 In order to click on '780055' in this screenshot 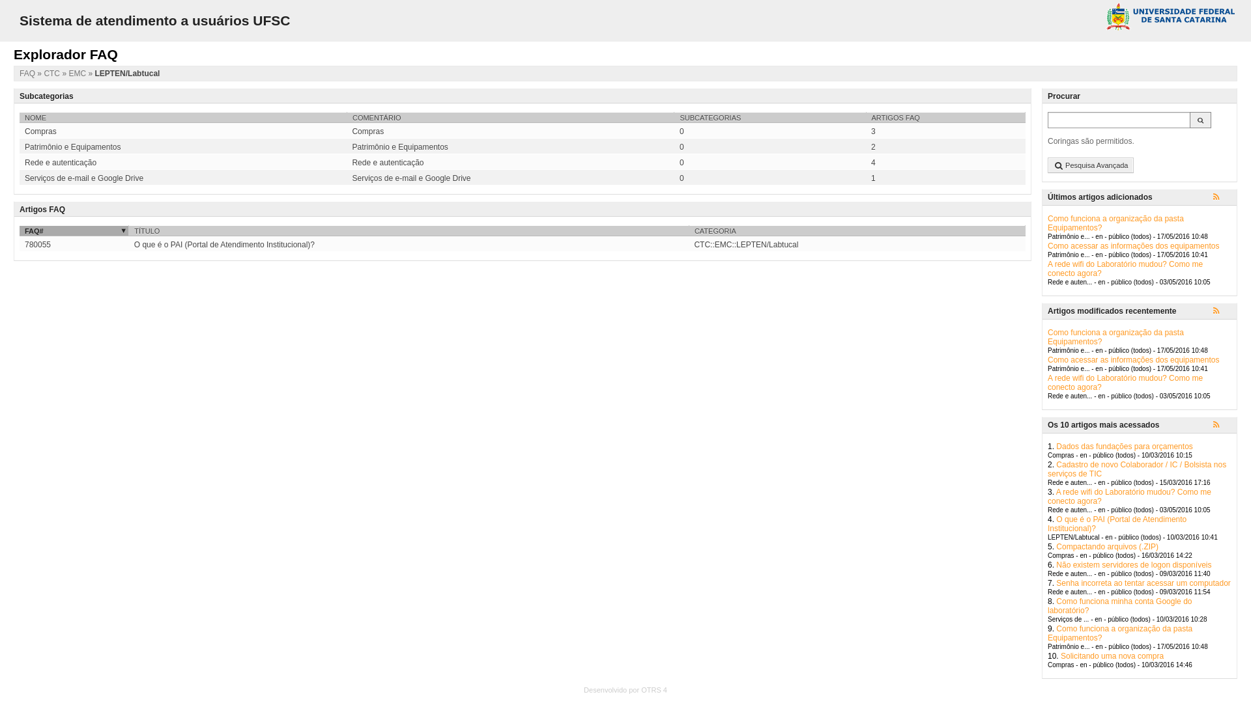, I will do `click(37, 244)`.